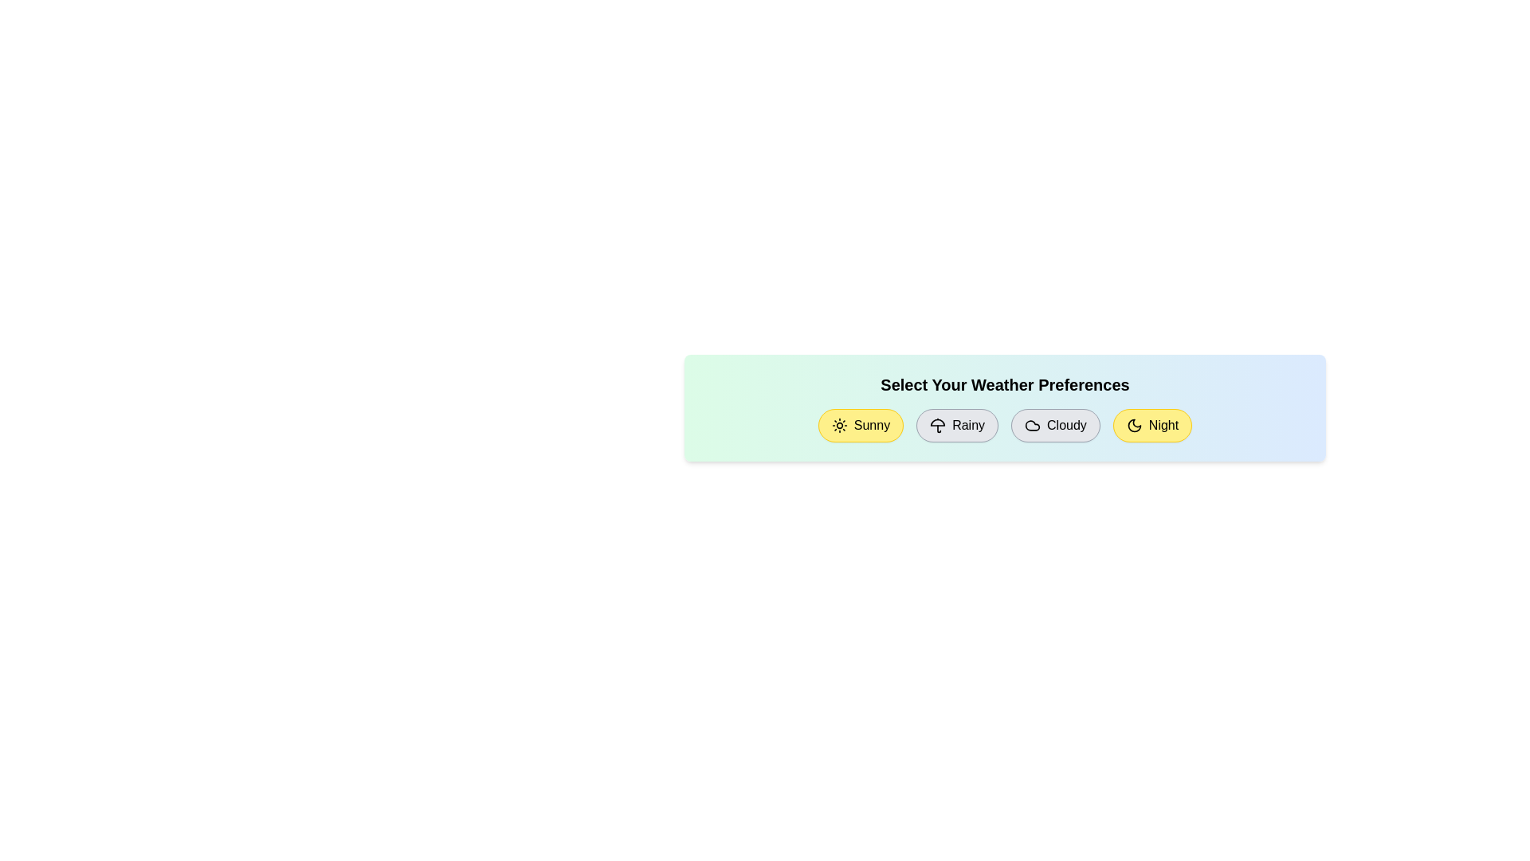  What do you see at coordinates (1151, 424) in the screenshot?
I see `the weather chip corresponding to Night` at bounding box center [1151, 424].